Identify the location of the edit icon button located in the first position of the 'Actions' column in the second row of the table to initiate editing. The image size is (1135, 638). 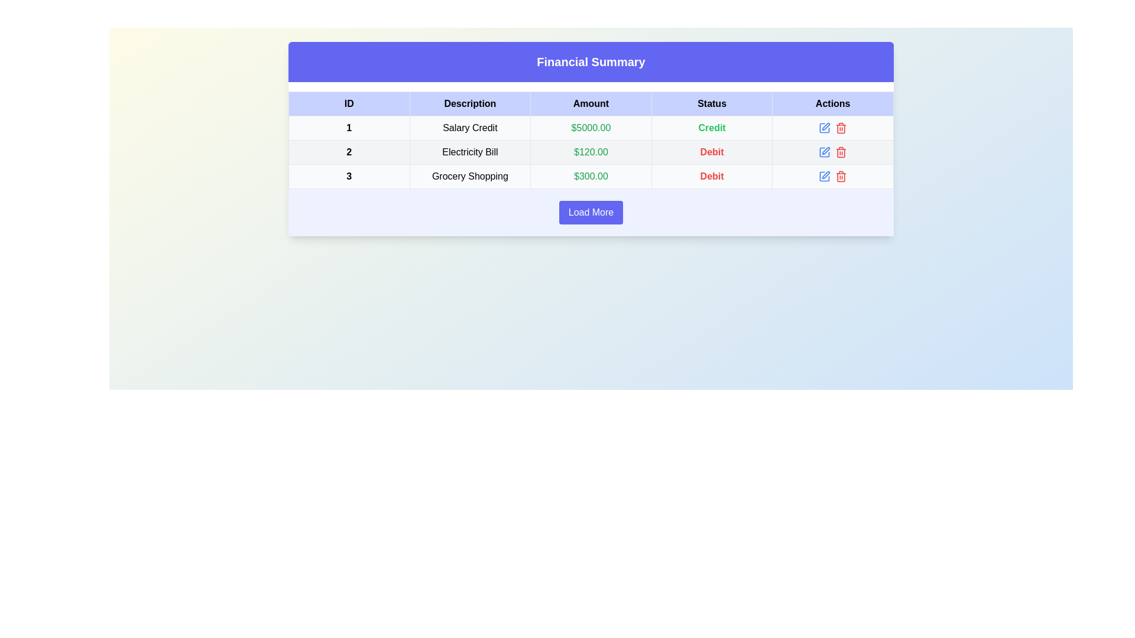
(824, 128).